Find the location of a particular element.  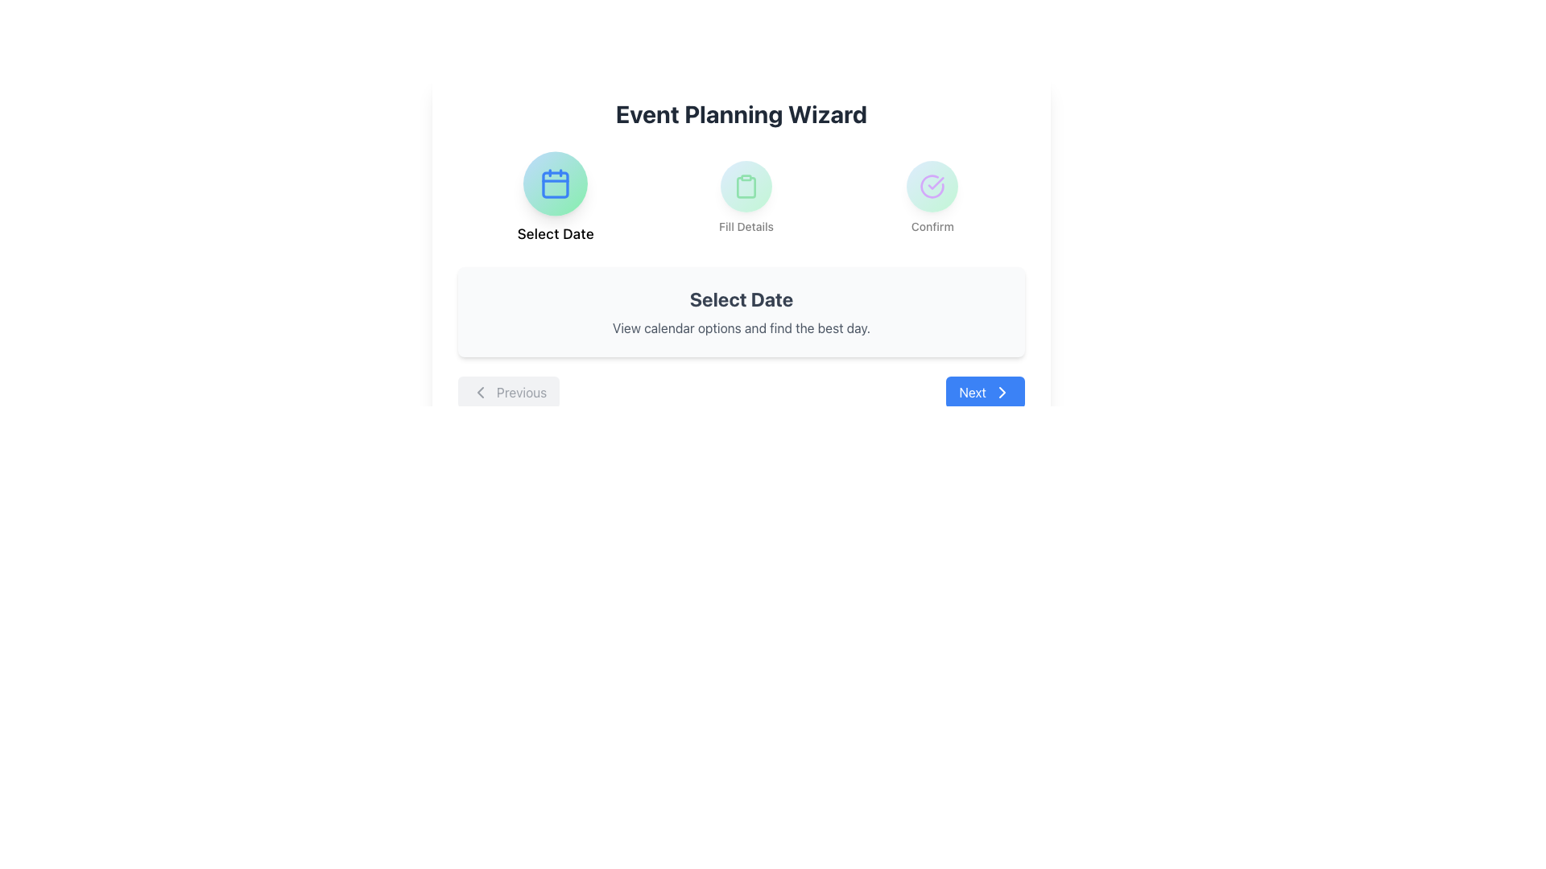

the 'Fill Details' icon indicator, which visually represents the first step in the process within a wizard-like interface is located at coordinates (746, 185).